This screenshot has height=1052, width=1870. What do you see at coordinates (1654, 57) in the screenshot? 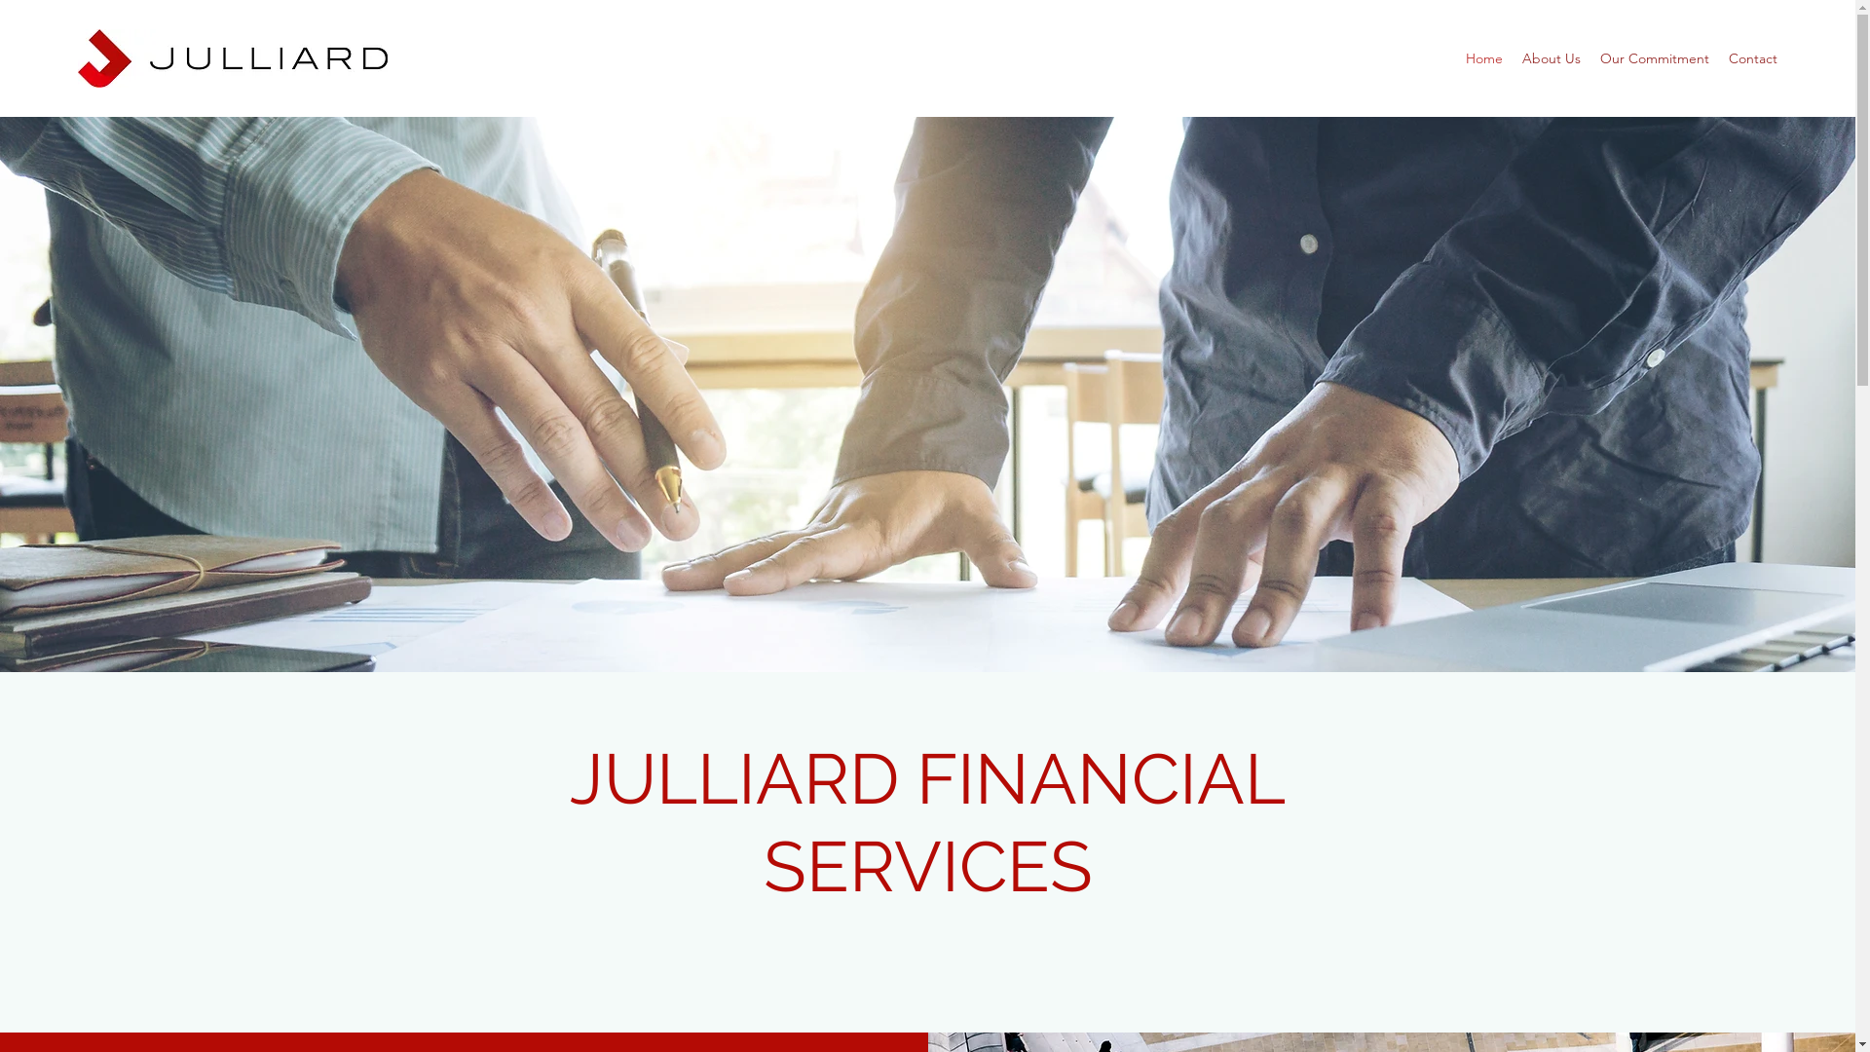
I see `'Our Commitment'` at bounding box center [1654, 57].